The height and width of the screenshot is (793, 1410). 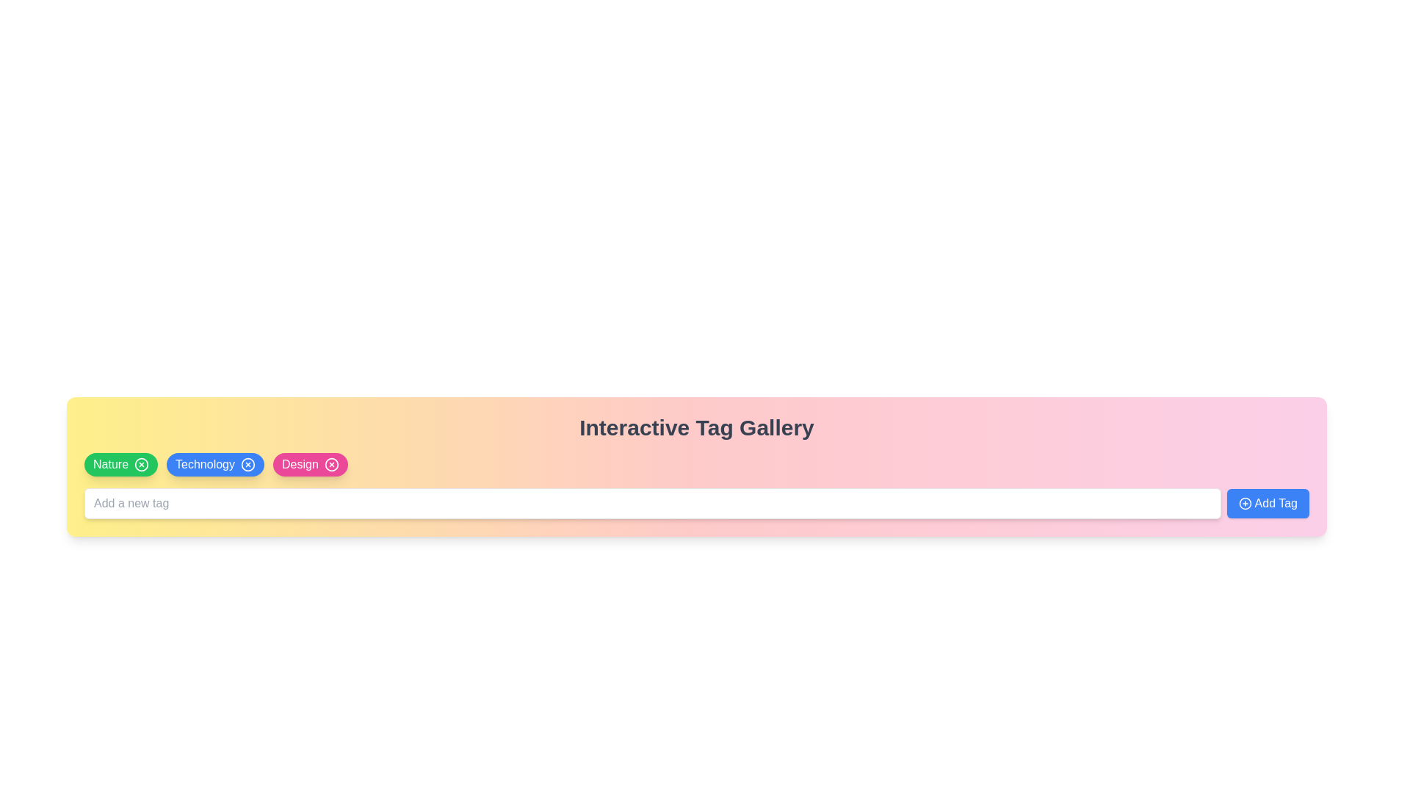 I want to click on the 'Design' text label which is styled with a bold, pink background and white text, located as the third item in a horizontal row of tag elements above the input field, so click(x=299, y=464).